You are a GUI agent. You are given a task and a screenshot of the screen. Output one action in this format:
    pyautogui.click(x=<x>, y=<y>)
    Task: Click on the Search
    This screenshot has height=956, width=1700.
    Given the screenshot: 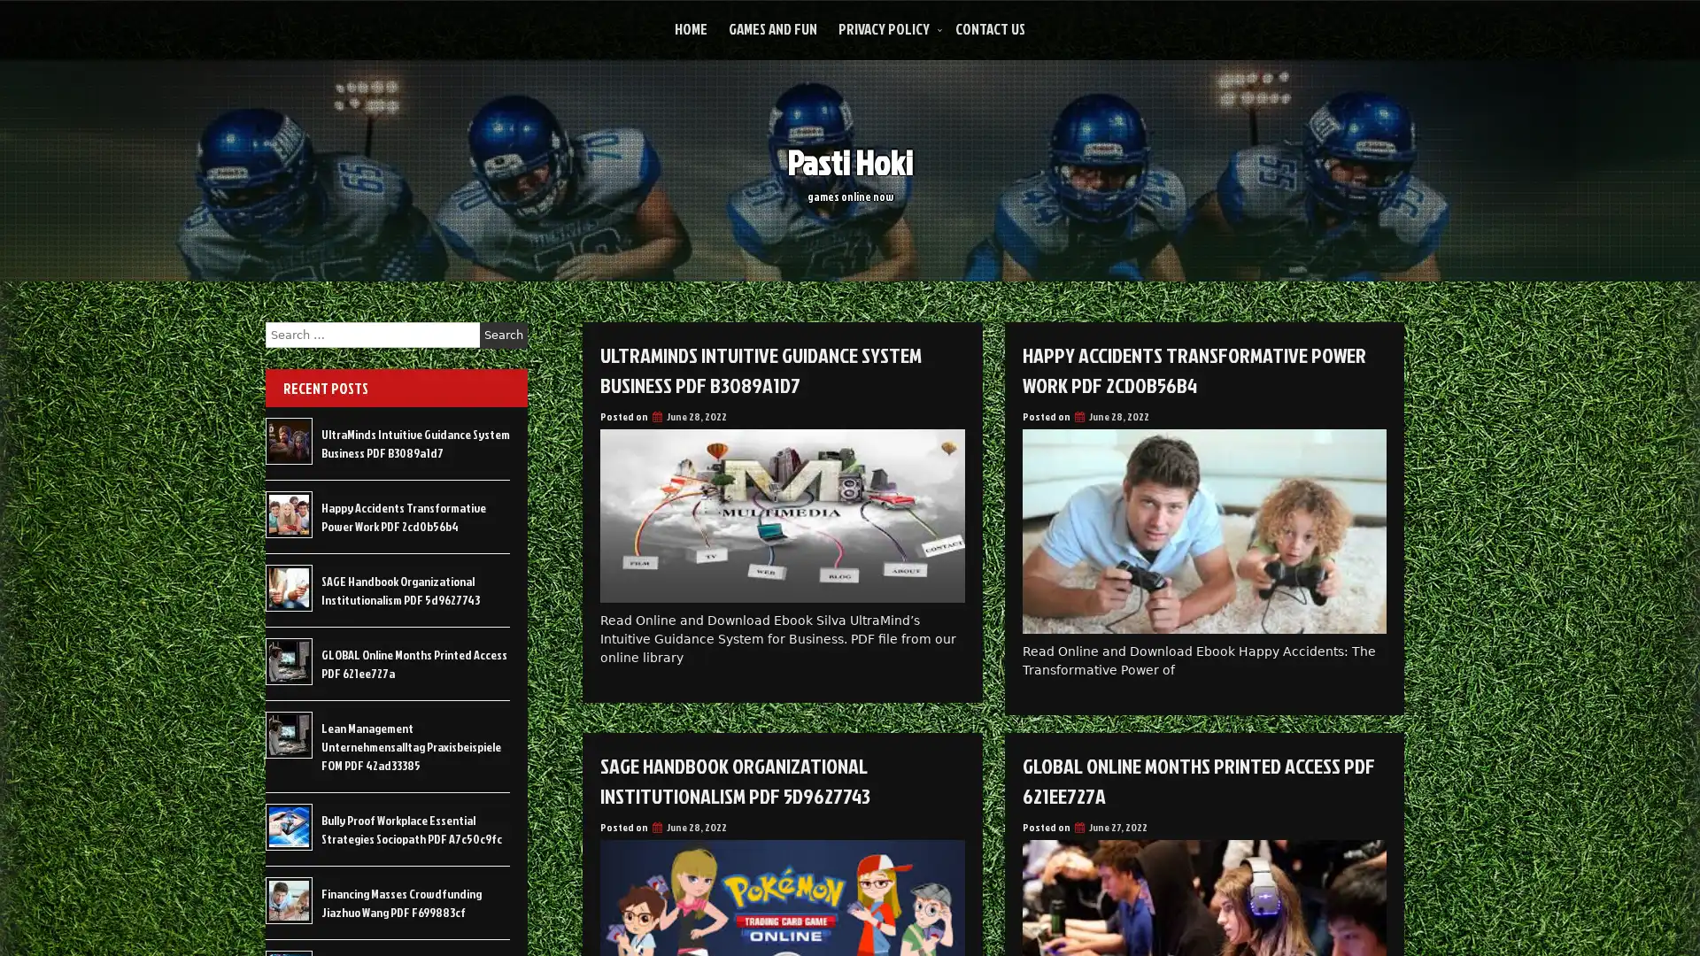 What is the action you would take?
    pyautogui.click(x=503, y=335)
    